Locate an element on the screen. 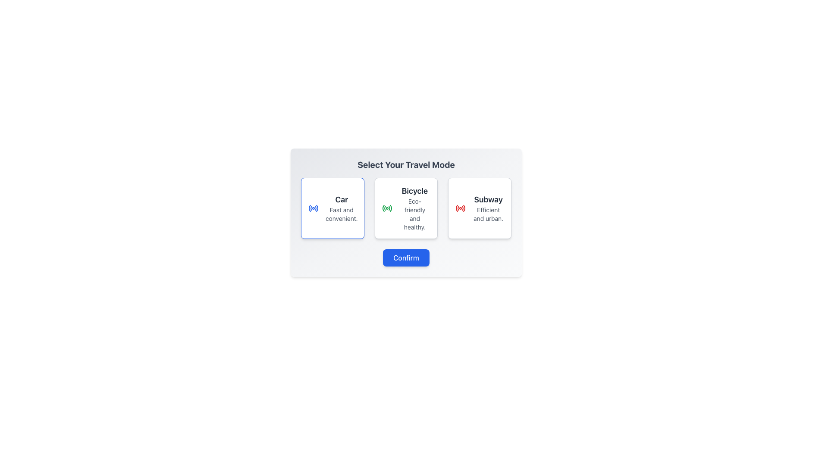 This screenshot has height=465, width=828. the 'Confirm' button, which is a rectangular button with a blue background and white rounded corners, to activate its hover effect is located at coordinates (405, 257).